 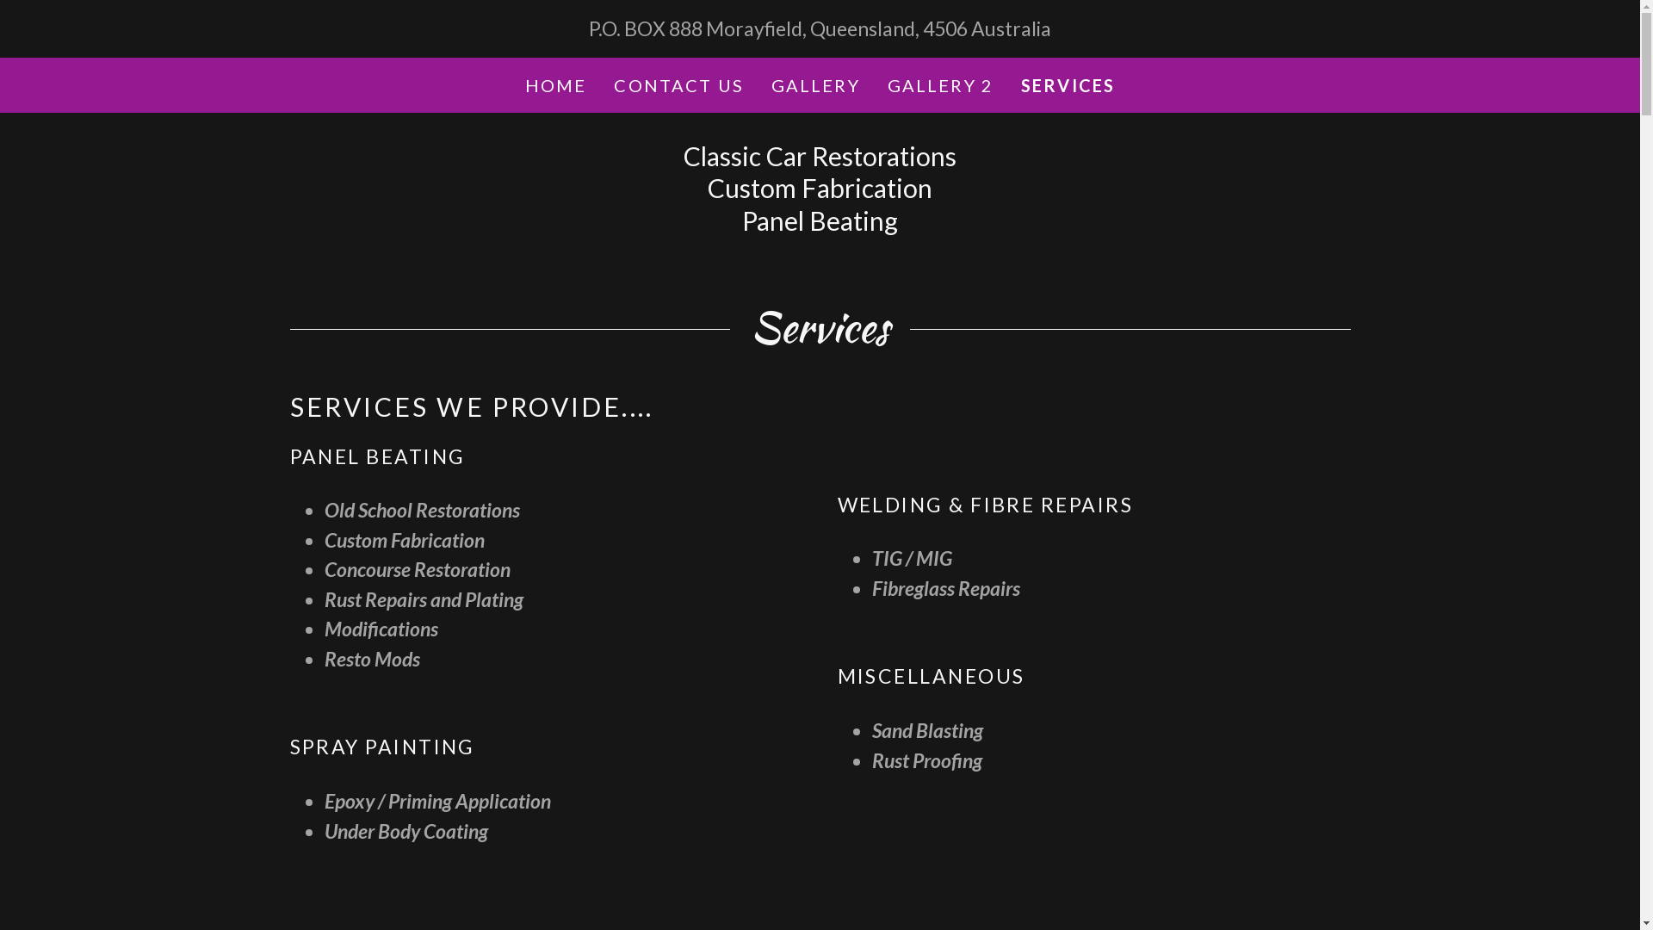 What do you see at coordinates (1067, 84) in the screenshot?
I see `'SERVICES'` at bounding box center [1067, 84].